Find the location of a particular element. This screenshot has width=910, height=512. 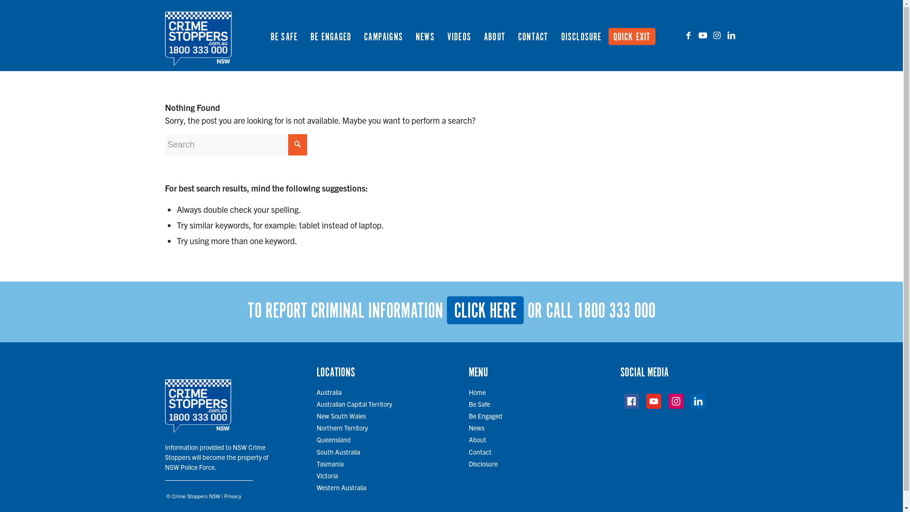

'Contact' is located at coordinates (468, 451).